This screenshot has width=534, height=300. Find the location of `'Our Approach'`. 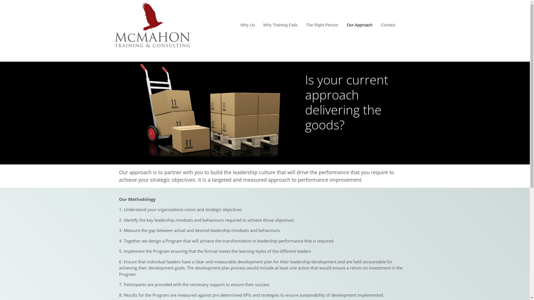

'Our Approach' is located at coordinates (360, 24).